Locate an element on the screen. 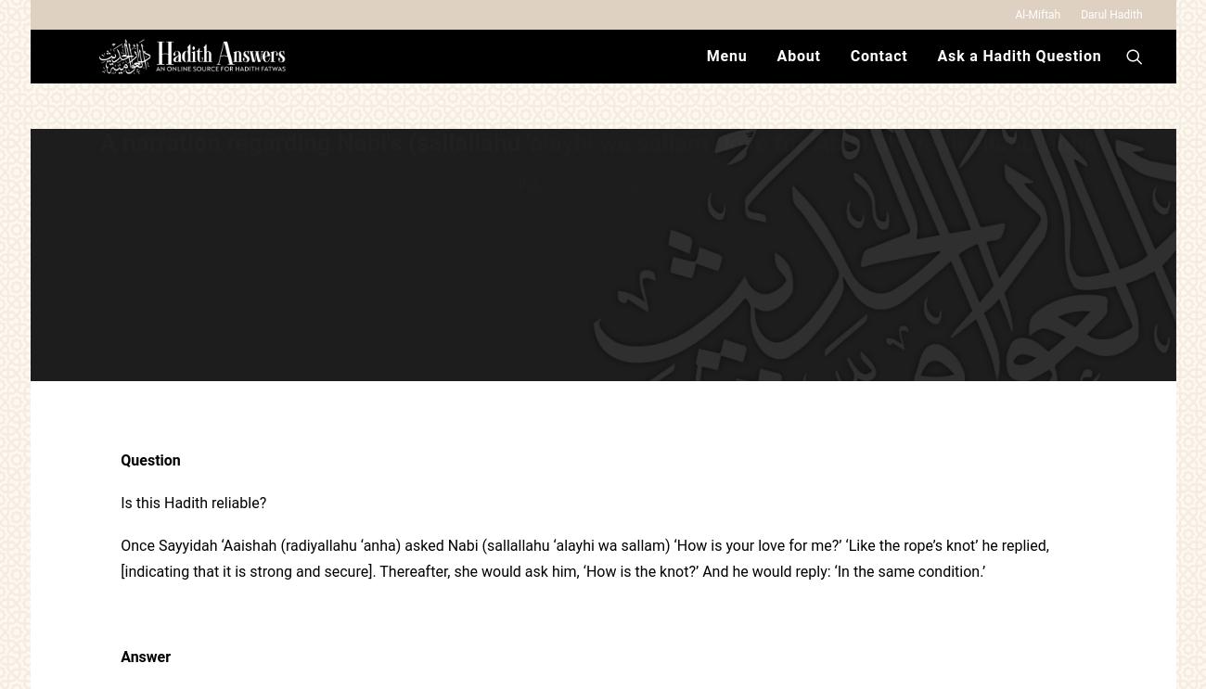  'Is this Hadith reliable?' is located at coordinates (120, 504).